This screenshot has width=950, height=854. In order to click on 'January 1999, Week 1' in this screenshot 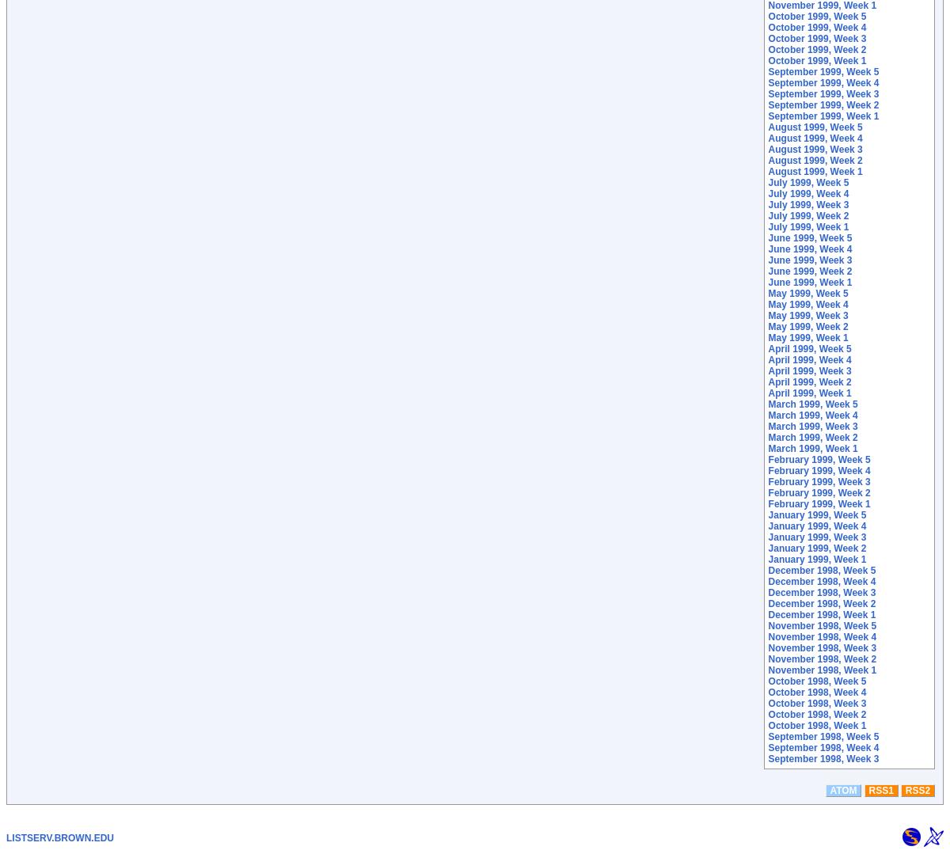, I will do `click(817, 559)`.